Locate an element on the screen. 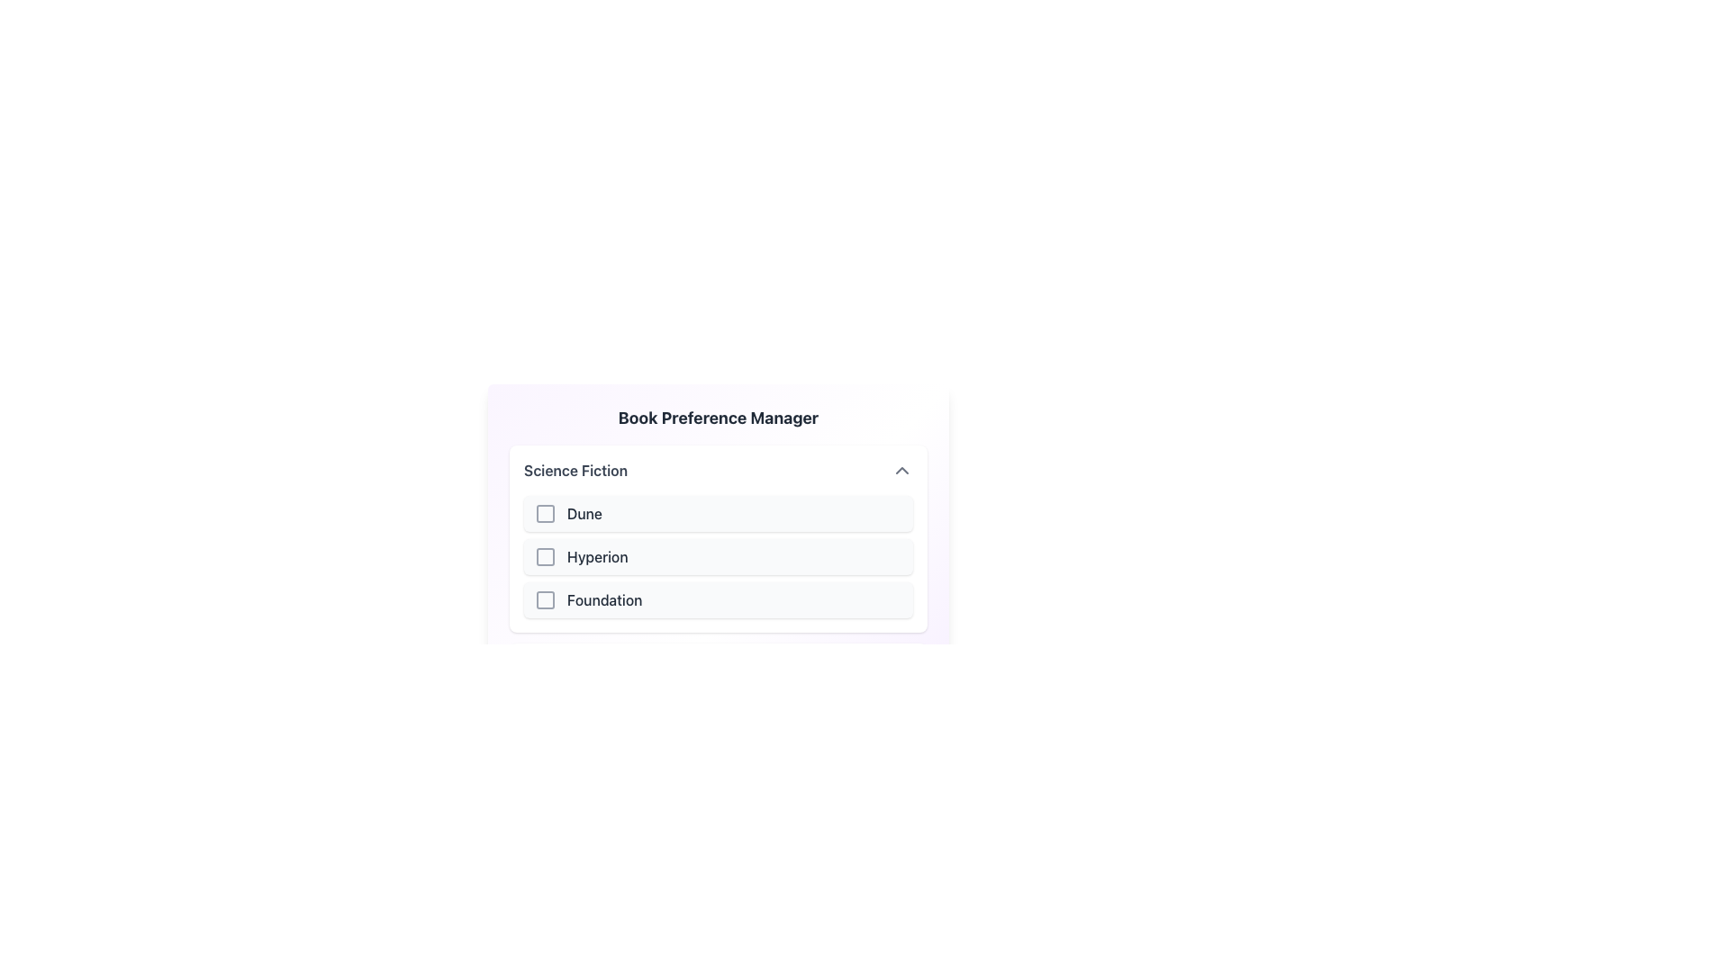  the text label 'Dune' which is styled in medium-weight gray font, positioned to the right of a checkbox in the 'Science Fiction' section of the 'Book Preference Manager' is located at coordinates (584, 513).